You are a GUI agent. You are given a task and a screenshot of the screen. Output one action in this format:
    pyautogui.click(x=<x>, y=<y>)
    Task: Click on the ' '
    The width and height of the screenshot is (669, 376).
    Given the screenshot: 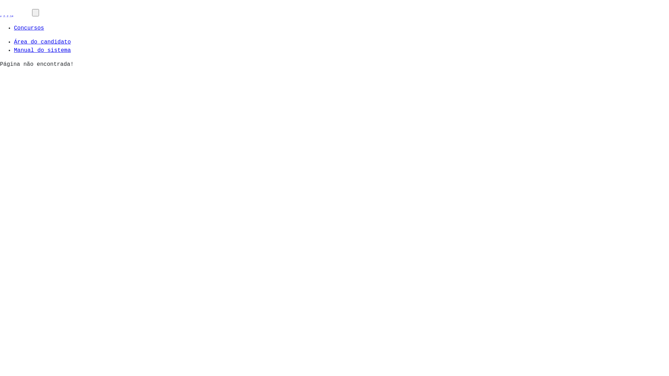 What is the action you would take?
    pyautogui.click(x=35, y=13)
    